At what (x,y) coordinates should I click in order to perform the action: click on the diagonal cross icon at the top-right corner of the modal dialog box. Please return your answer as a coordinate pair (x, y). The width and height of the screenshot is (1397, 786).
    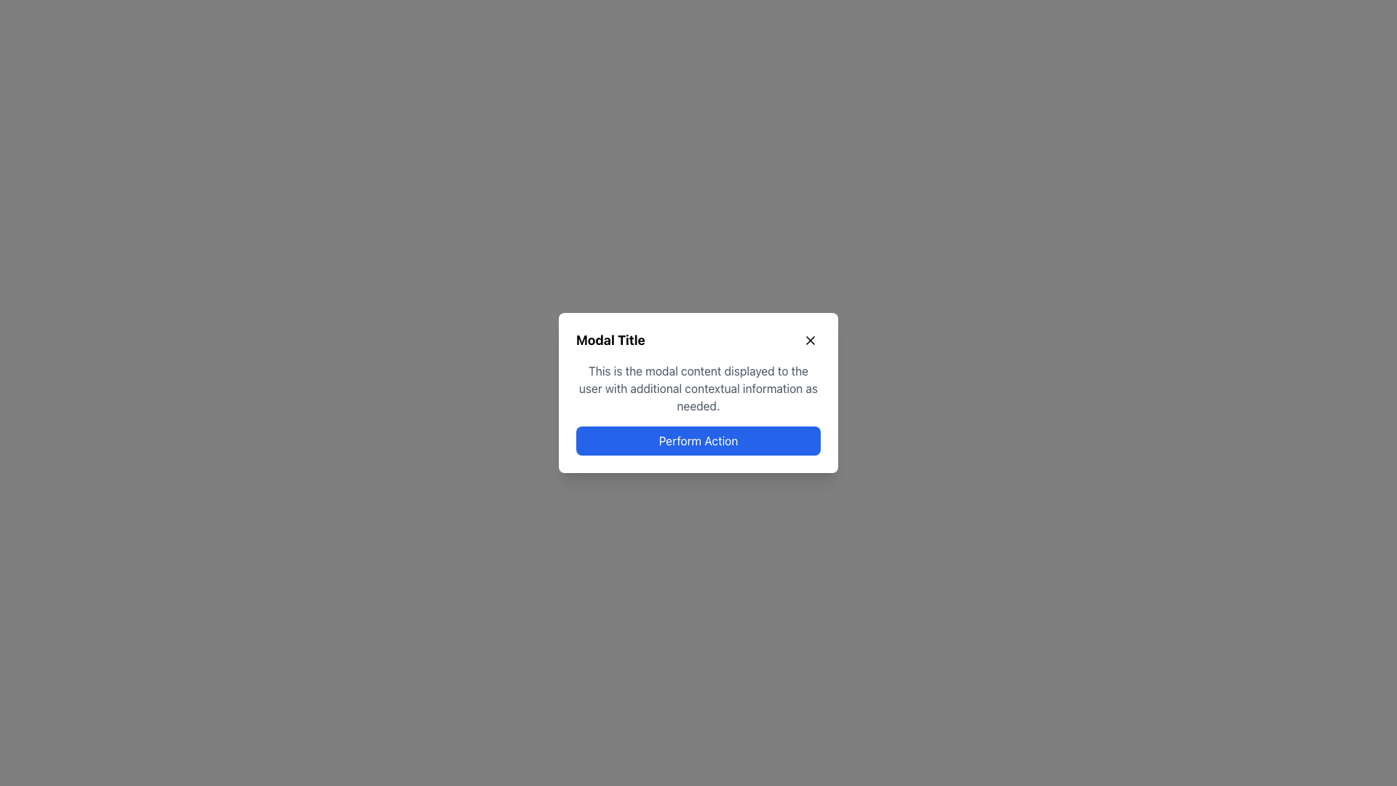
    Looking at the image, I should click on (809, 340).